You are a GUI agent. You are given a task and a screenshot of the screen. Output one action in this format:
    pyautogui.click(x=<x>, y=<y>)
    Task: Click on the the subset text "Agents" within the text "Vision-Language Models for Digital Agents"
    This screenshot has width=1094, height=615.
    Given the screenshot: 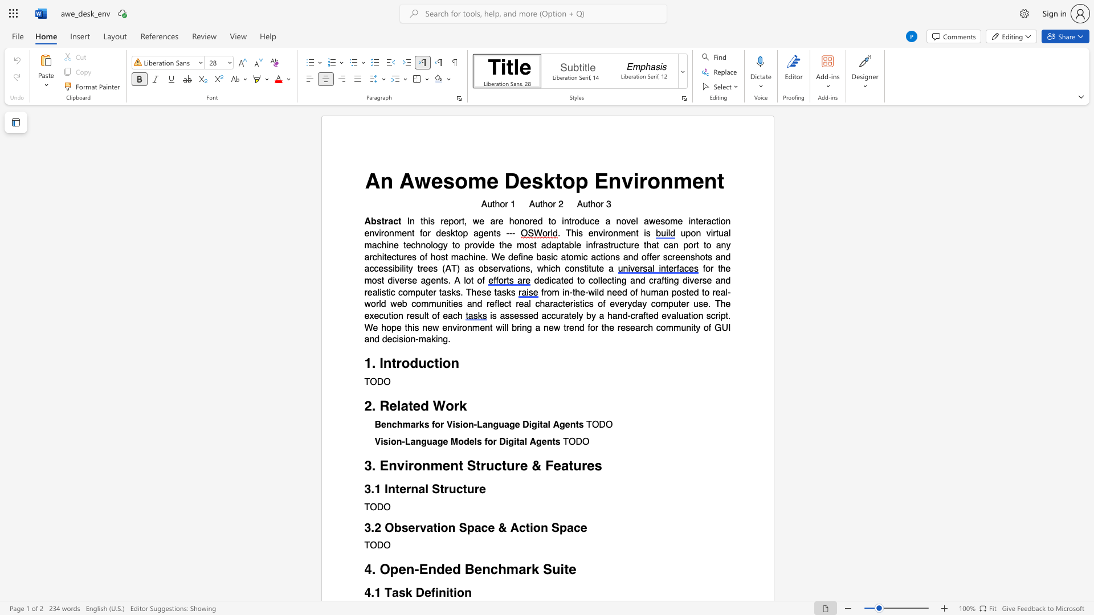 What is the action you would take?
    pyautogui.click(x=529, y=441)
    